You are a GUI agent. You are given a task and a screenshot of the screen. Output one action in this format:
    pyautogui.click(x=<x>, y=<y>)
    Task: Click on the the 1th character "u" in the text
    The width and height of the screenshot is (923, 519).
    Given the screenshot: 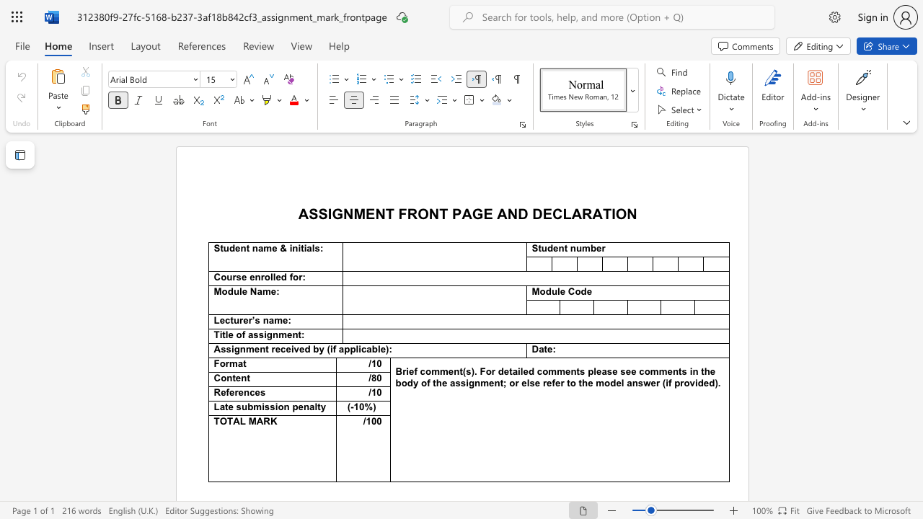 What is the action you would take?
    pyautogui.click(x=543, y=247)
    